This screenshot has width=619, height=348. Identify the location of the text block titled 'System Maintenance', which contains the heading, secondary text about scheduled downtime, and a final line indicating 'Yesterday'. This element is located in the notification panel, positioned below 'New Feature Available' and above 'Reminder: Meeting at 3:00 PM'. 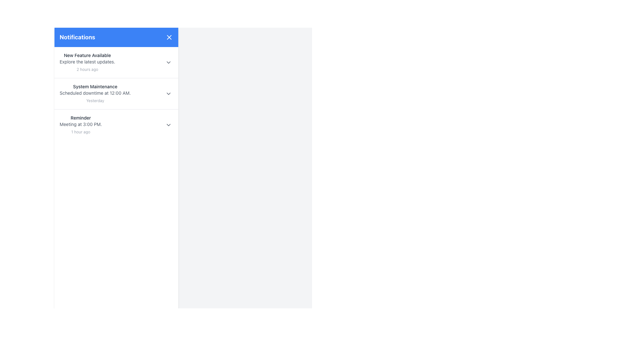
(95, 93).